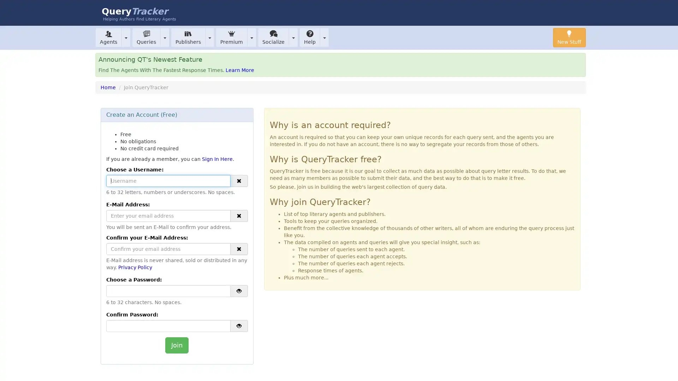  I want to click on Join, so click(177, 345).